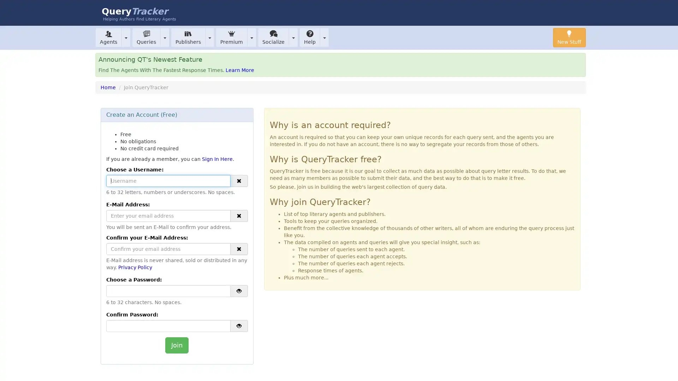  I want to click on Join, so click(177, 345).